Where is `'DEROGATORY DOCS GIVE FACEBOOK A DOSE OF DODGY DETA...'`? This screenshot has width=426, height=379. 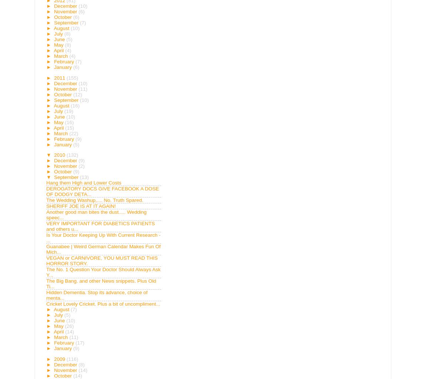
'DEROGATORY DOCS GIVE FACEBOOK A DOSE OF DODGY DETA...' is located at coordinates (46, 191).